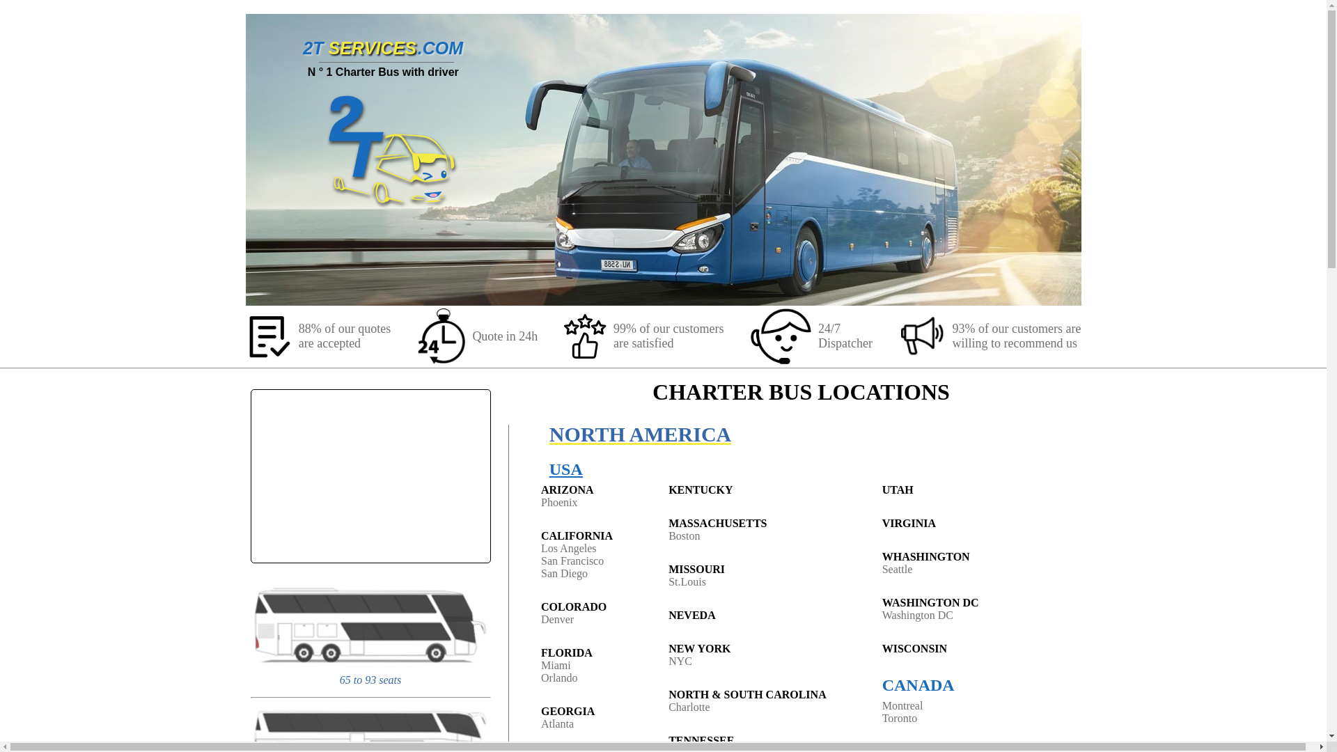 This screenshot has width=1337, height=752. I want to click on 'Toronto', so click(899, 718).